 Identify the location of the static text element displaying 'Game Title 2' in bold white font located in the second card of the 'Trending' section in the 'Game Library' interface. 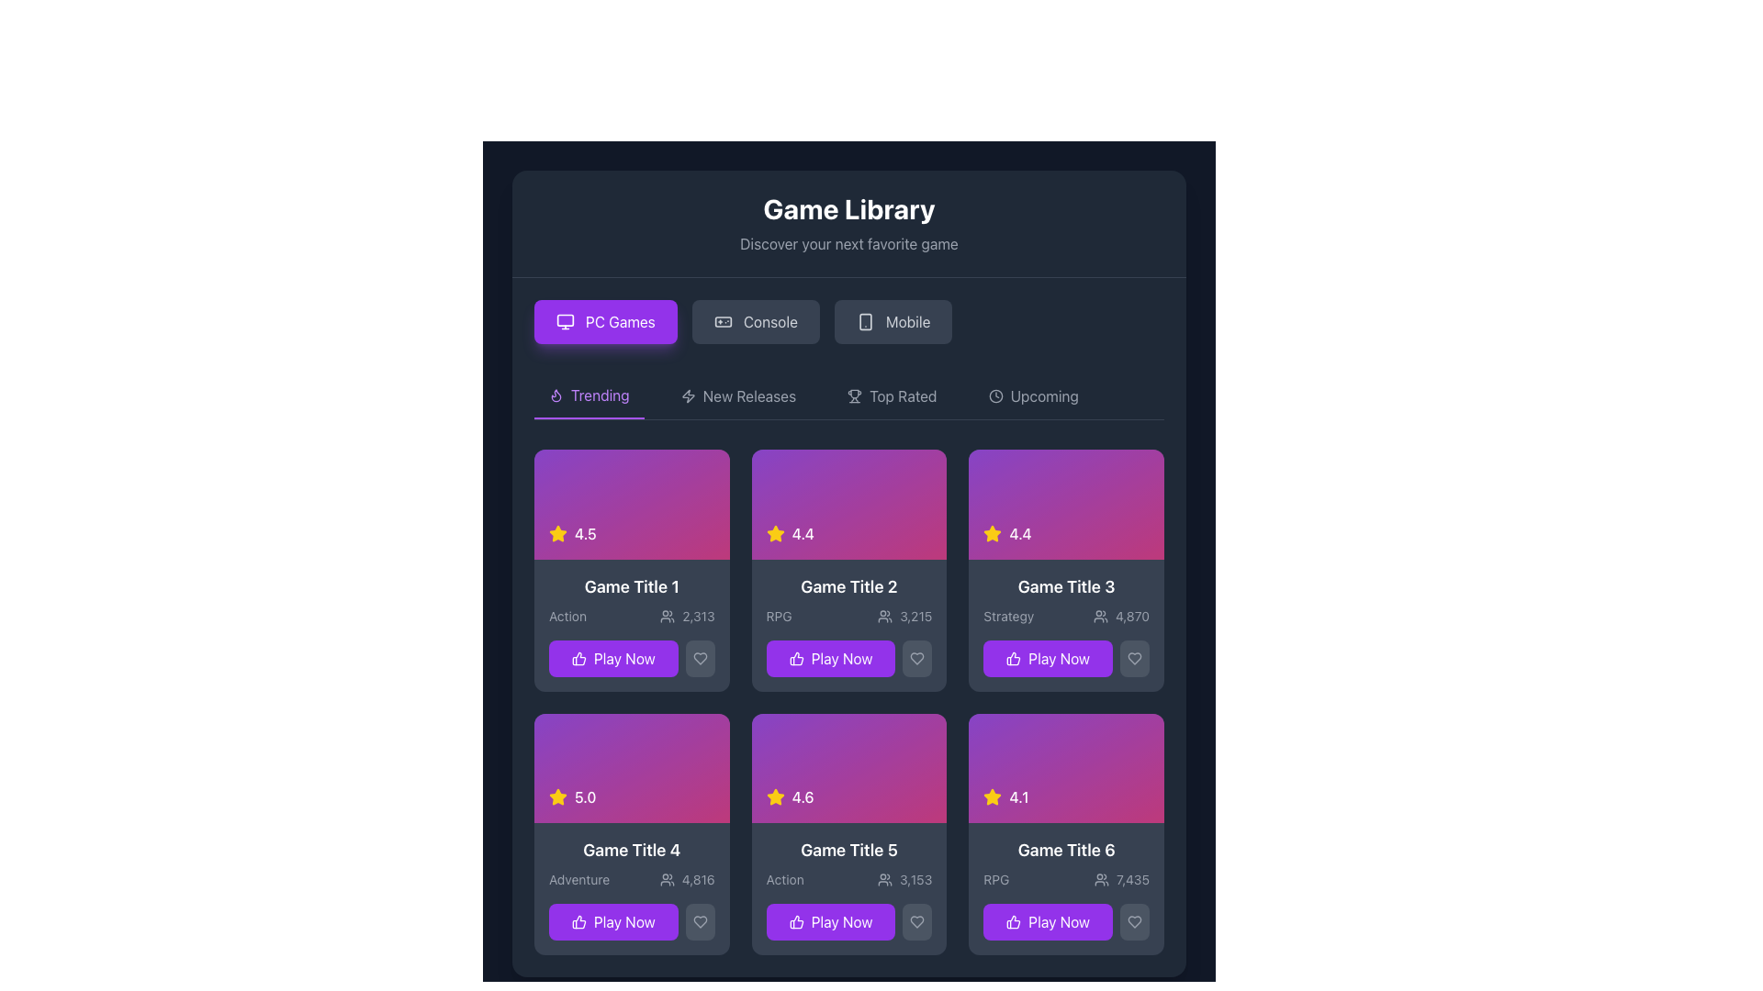
(848, 586).